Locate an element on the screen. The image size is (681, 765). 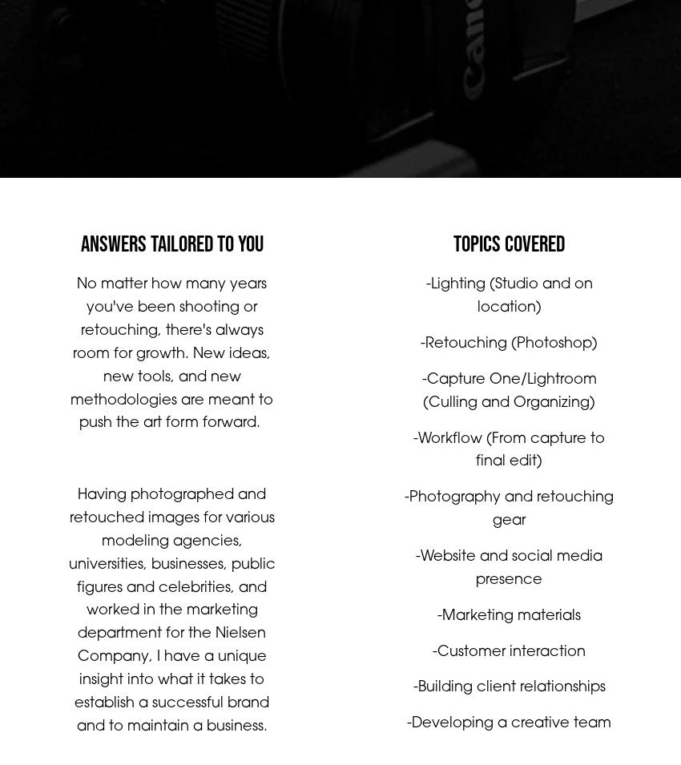
'-Building client relationships' is located at coordinates (508, 703).